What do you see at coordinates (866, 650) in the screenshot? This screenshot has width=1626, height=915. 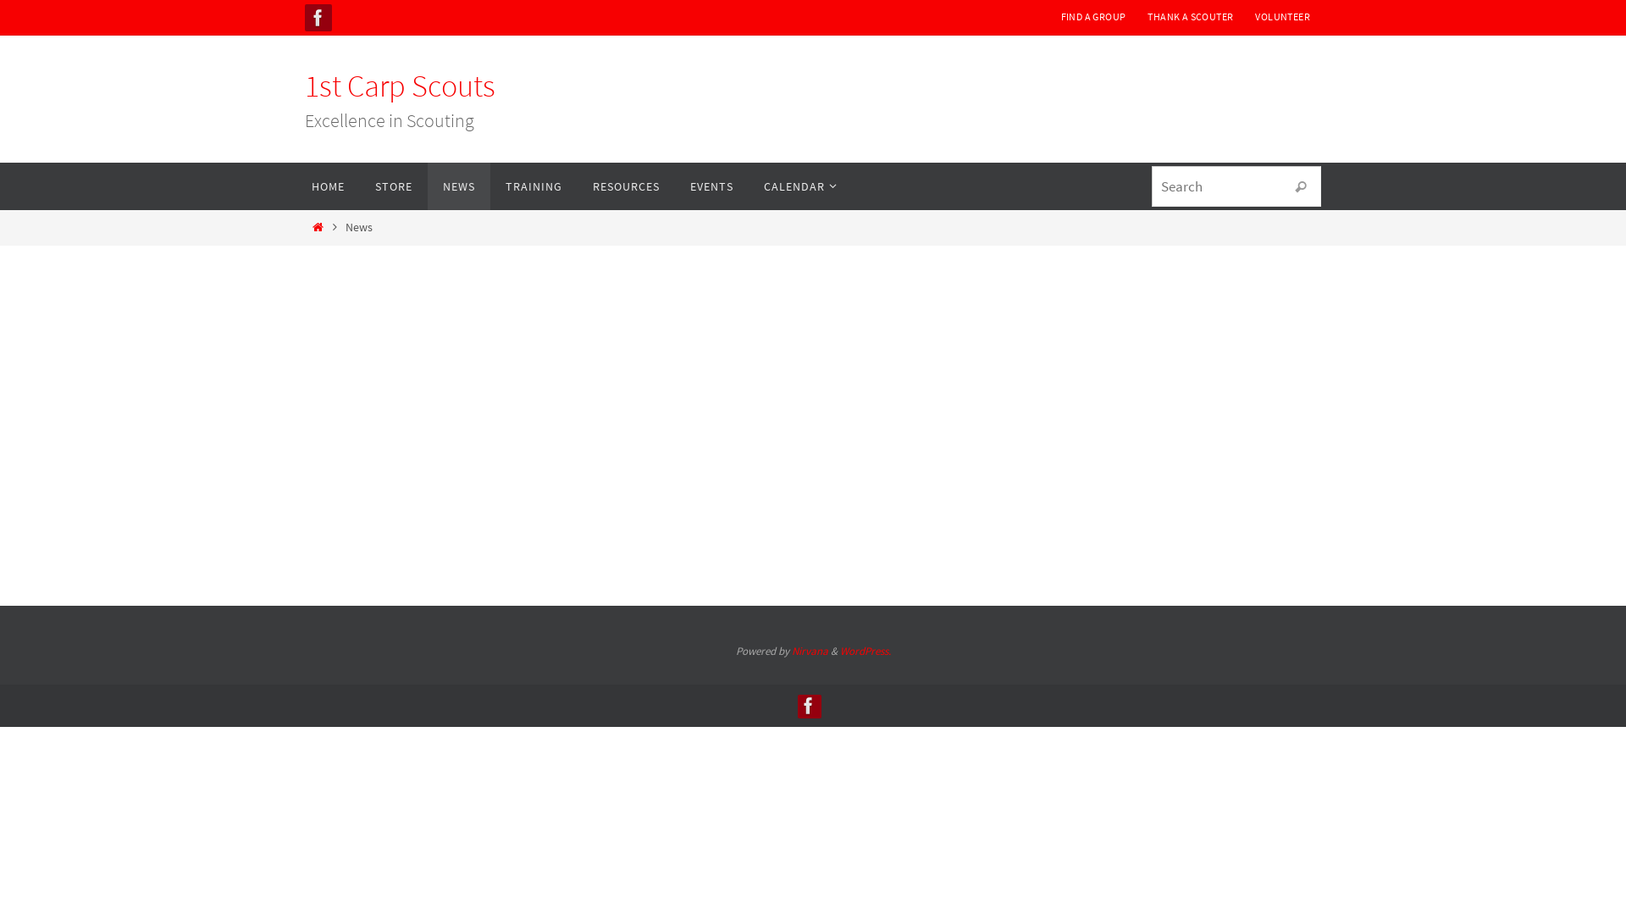 I see `'WordPress.'` at bounding box center [866, 650].